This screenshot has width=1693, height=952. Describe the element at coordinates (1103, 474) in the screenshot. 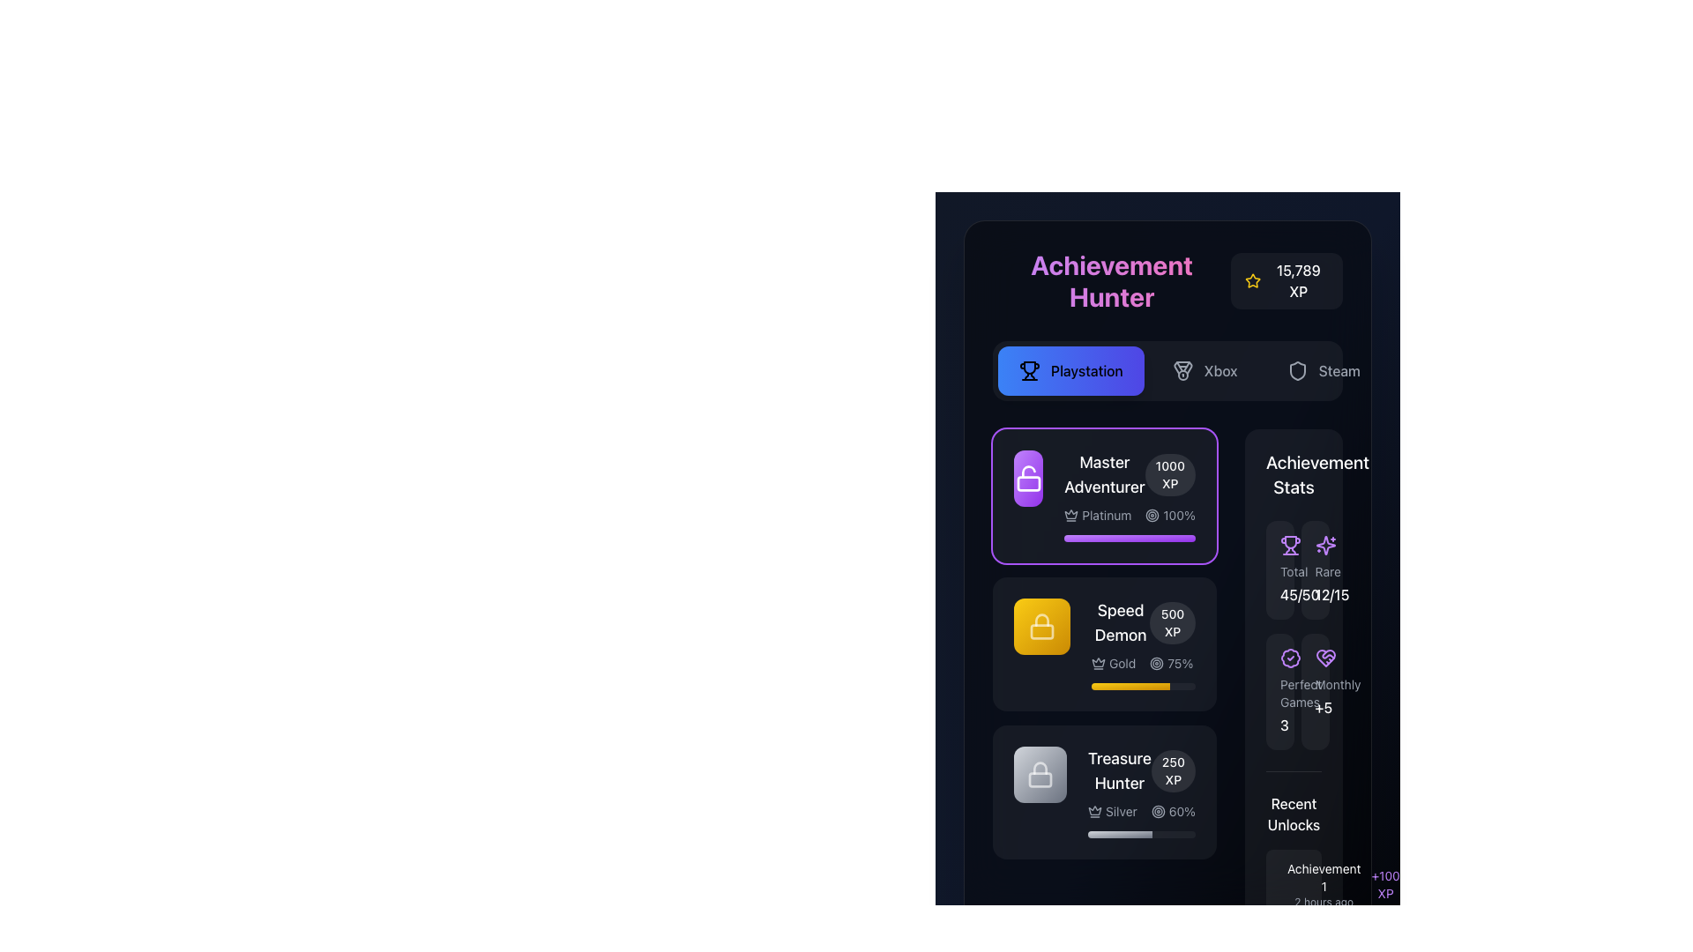

I see `the 'Master Adventurer' text label displayed in bold white font on the left side of the achievement card` at that location.